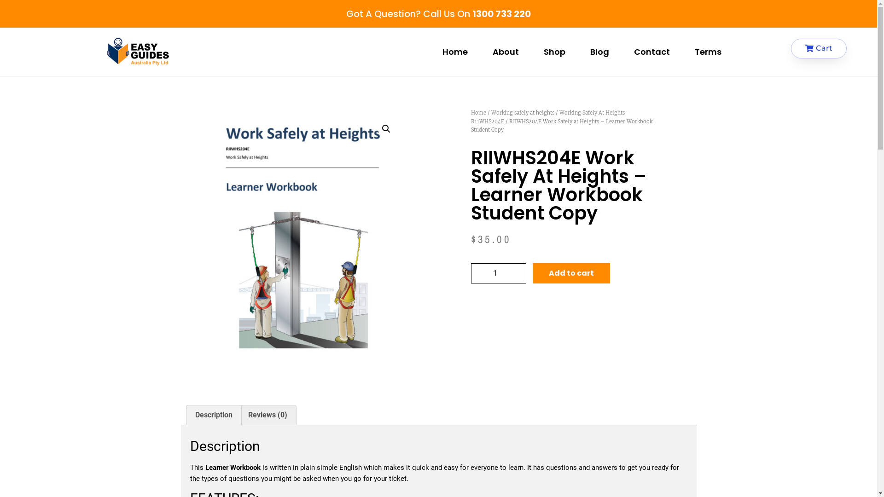  What do you see at coordinates (478, 112) in the screenshot?
I see `'Home'` at bounding box center [478, 112].